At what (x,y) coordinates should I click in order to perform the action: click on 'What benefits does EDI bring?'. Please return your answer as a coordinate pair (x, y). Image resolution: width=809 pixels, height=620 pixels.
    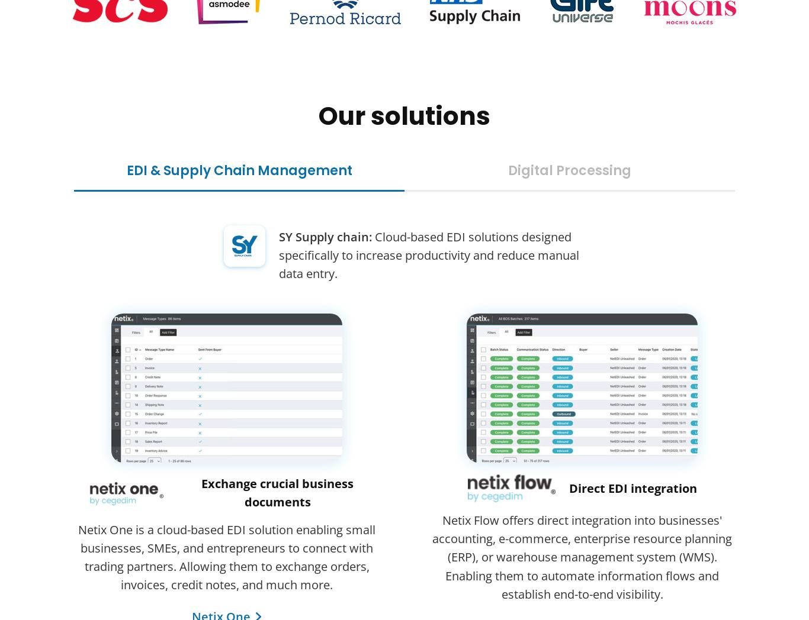
    Looking at the image, I should click on (162, 479).